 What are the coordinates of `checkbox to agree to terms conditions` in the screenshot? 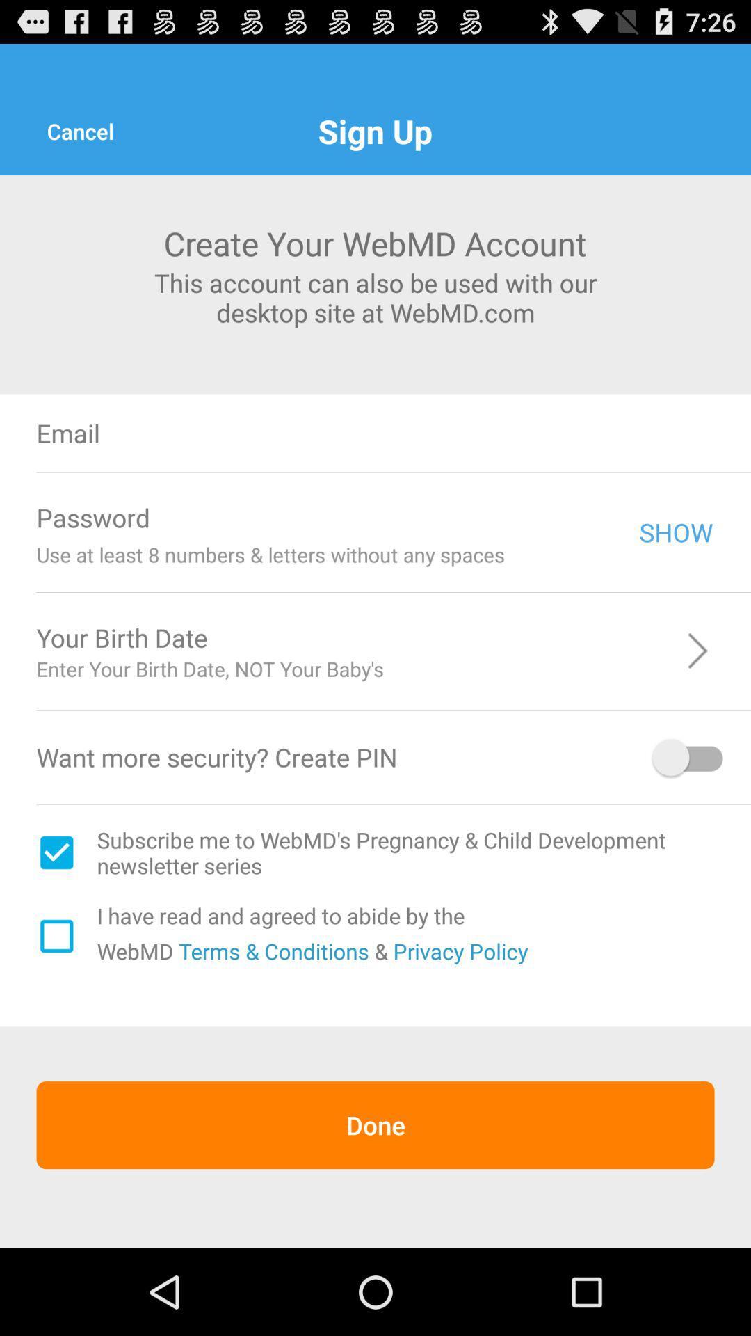 It's located at (56, 936).